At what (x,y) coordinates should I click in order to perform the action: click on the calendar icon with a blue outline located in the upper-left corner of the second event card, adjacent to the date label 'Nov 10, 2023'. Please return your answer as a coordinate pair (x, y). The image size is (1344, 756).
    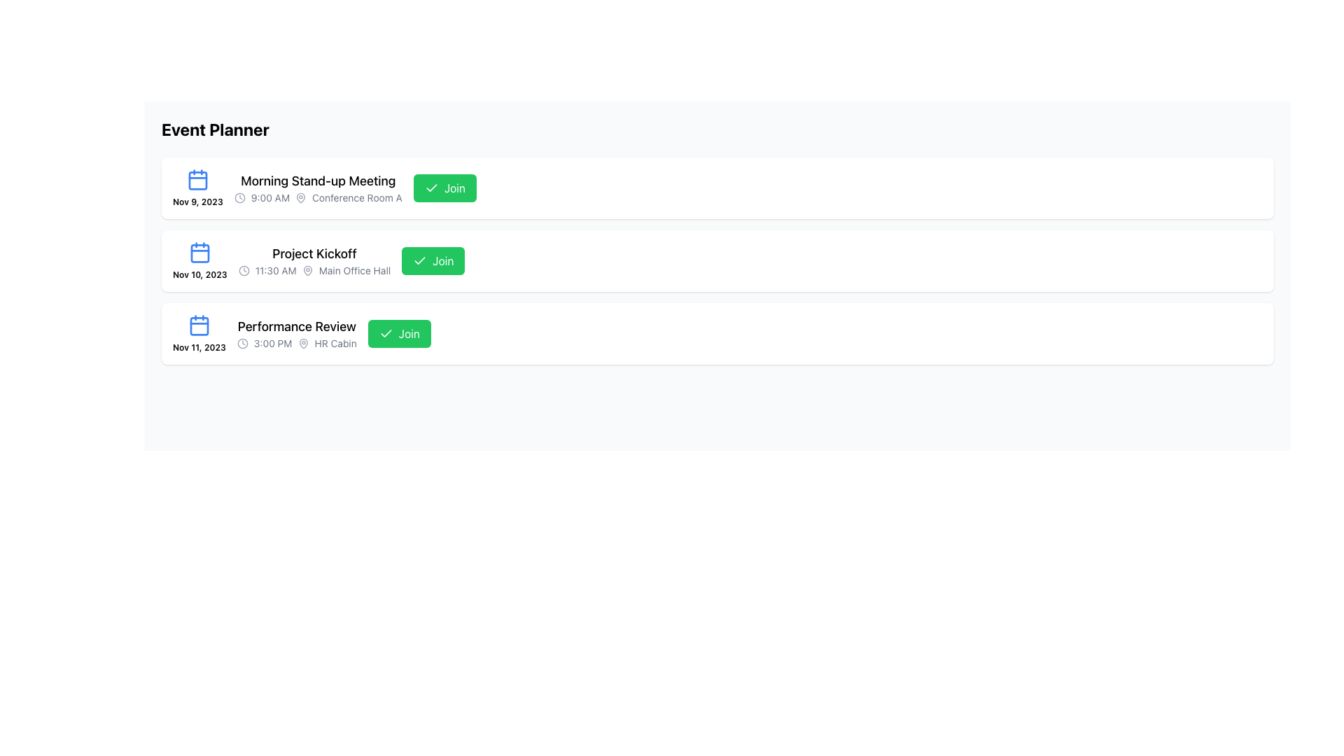
    Looking at the image, I should click on (199, 253).